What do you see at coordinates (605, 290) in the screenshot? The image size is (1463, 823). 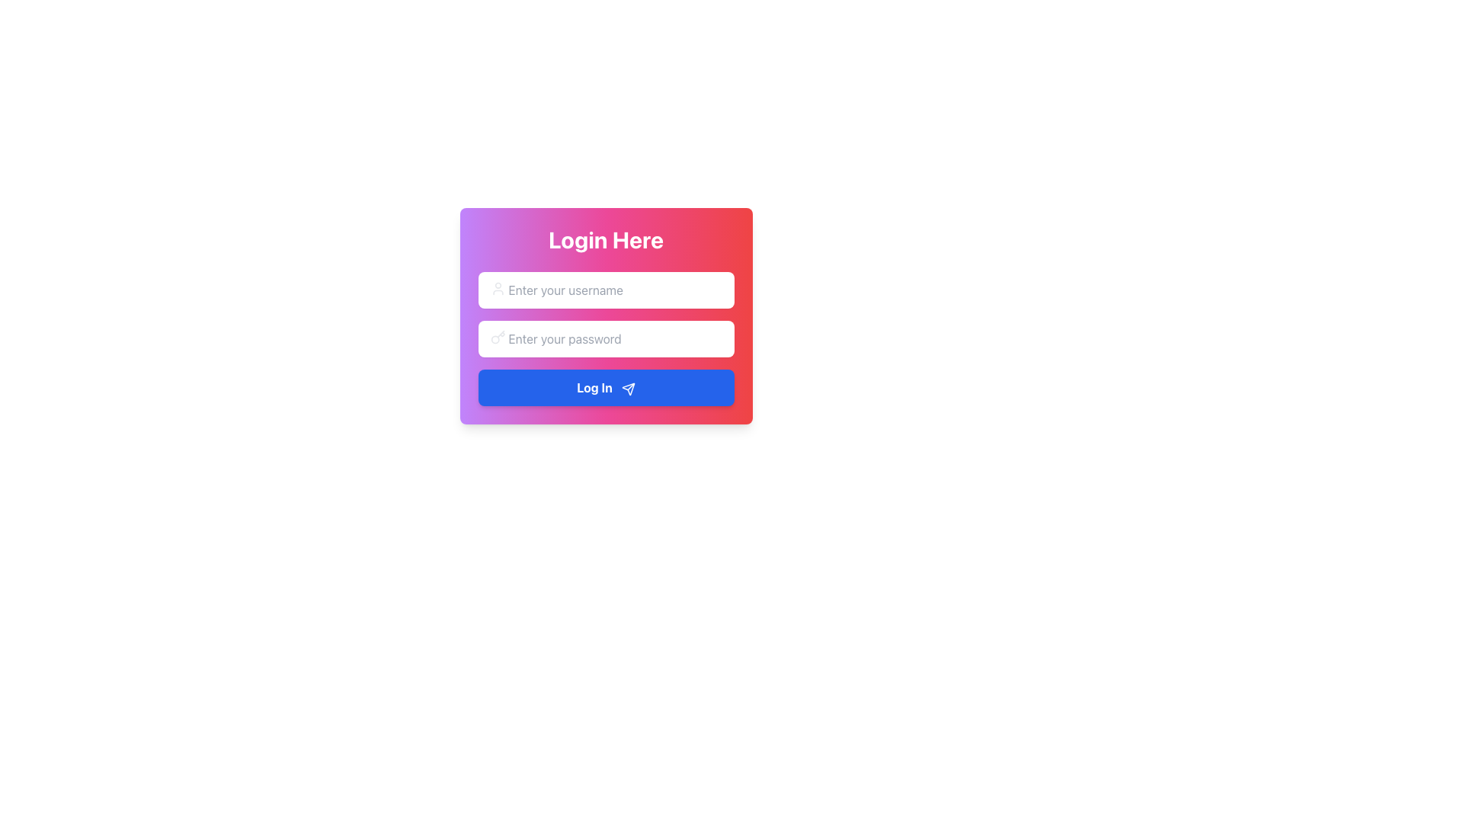 I see `the username or email address input field to focus on it during the login process` at bounding box center [605, 290].